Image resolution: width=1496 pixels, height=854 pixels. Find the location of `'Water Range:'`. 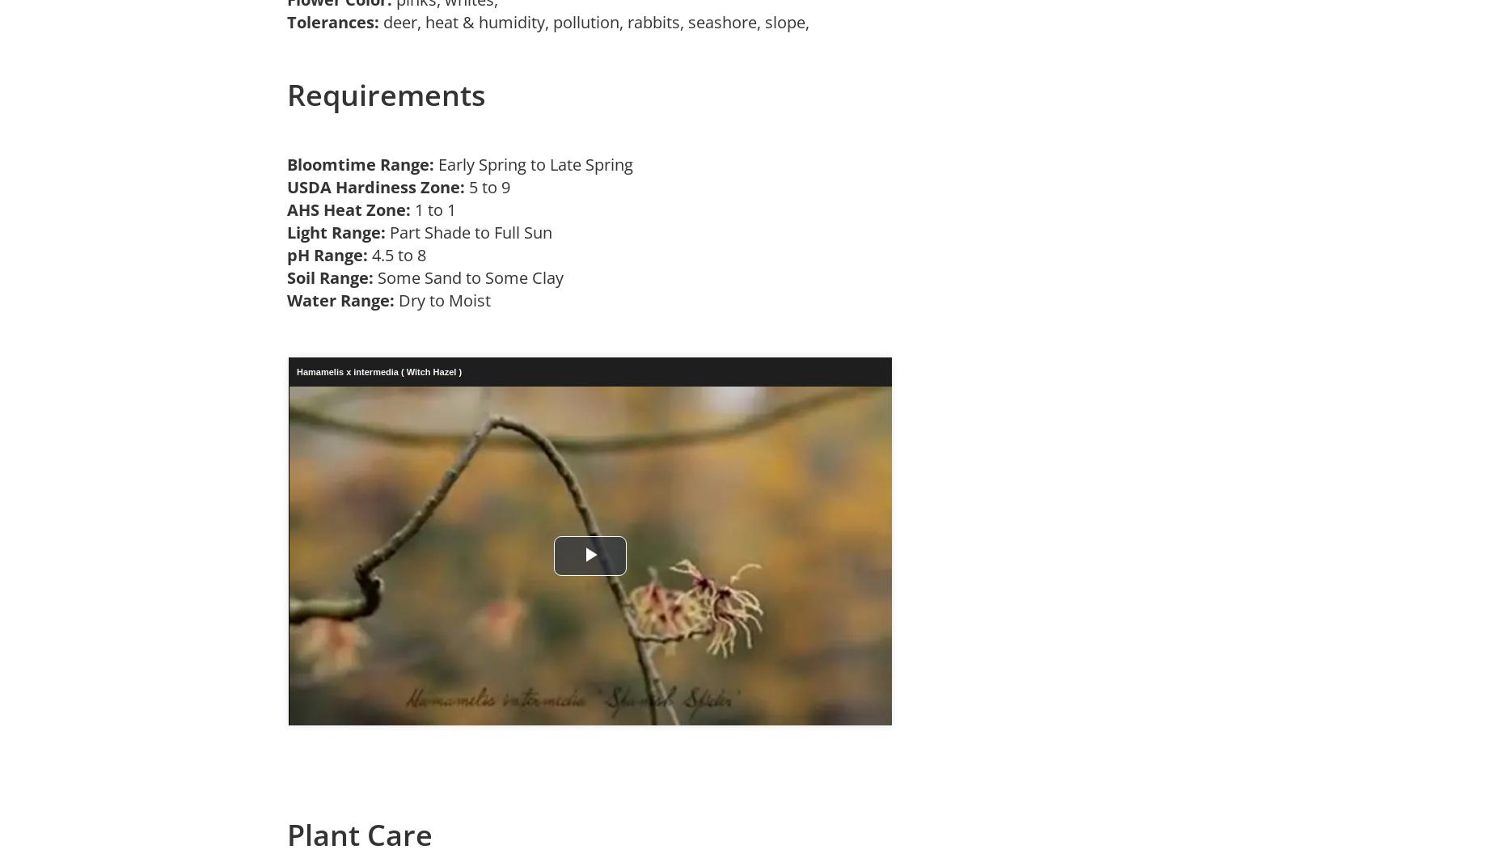

'Water Range:' is located at coordinates (340, 298).